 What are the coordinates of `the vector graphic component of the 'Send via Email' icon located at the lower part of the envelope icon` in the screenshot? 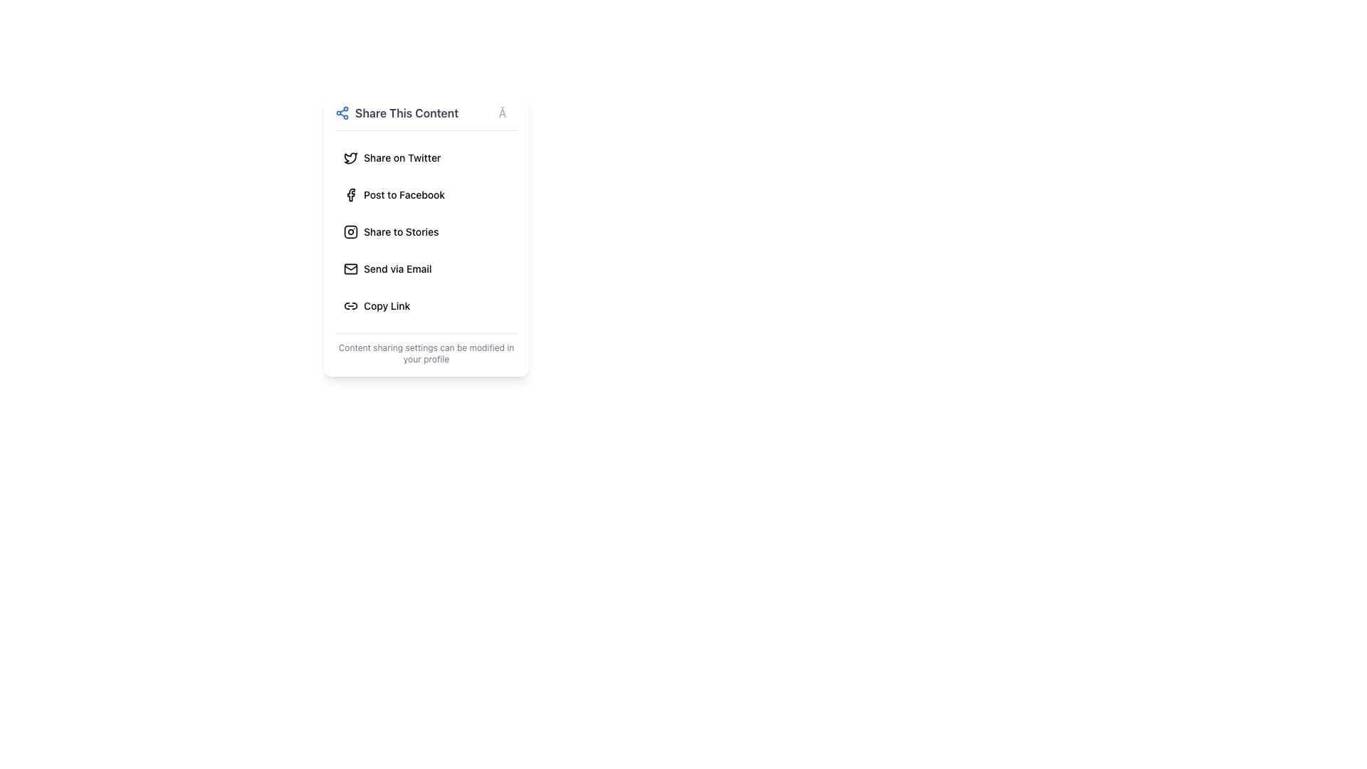 It's located at (351, 267).